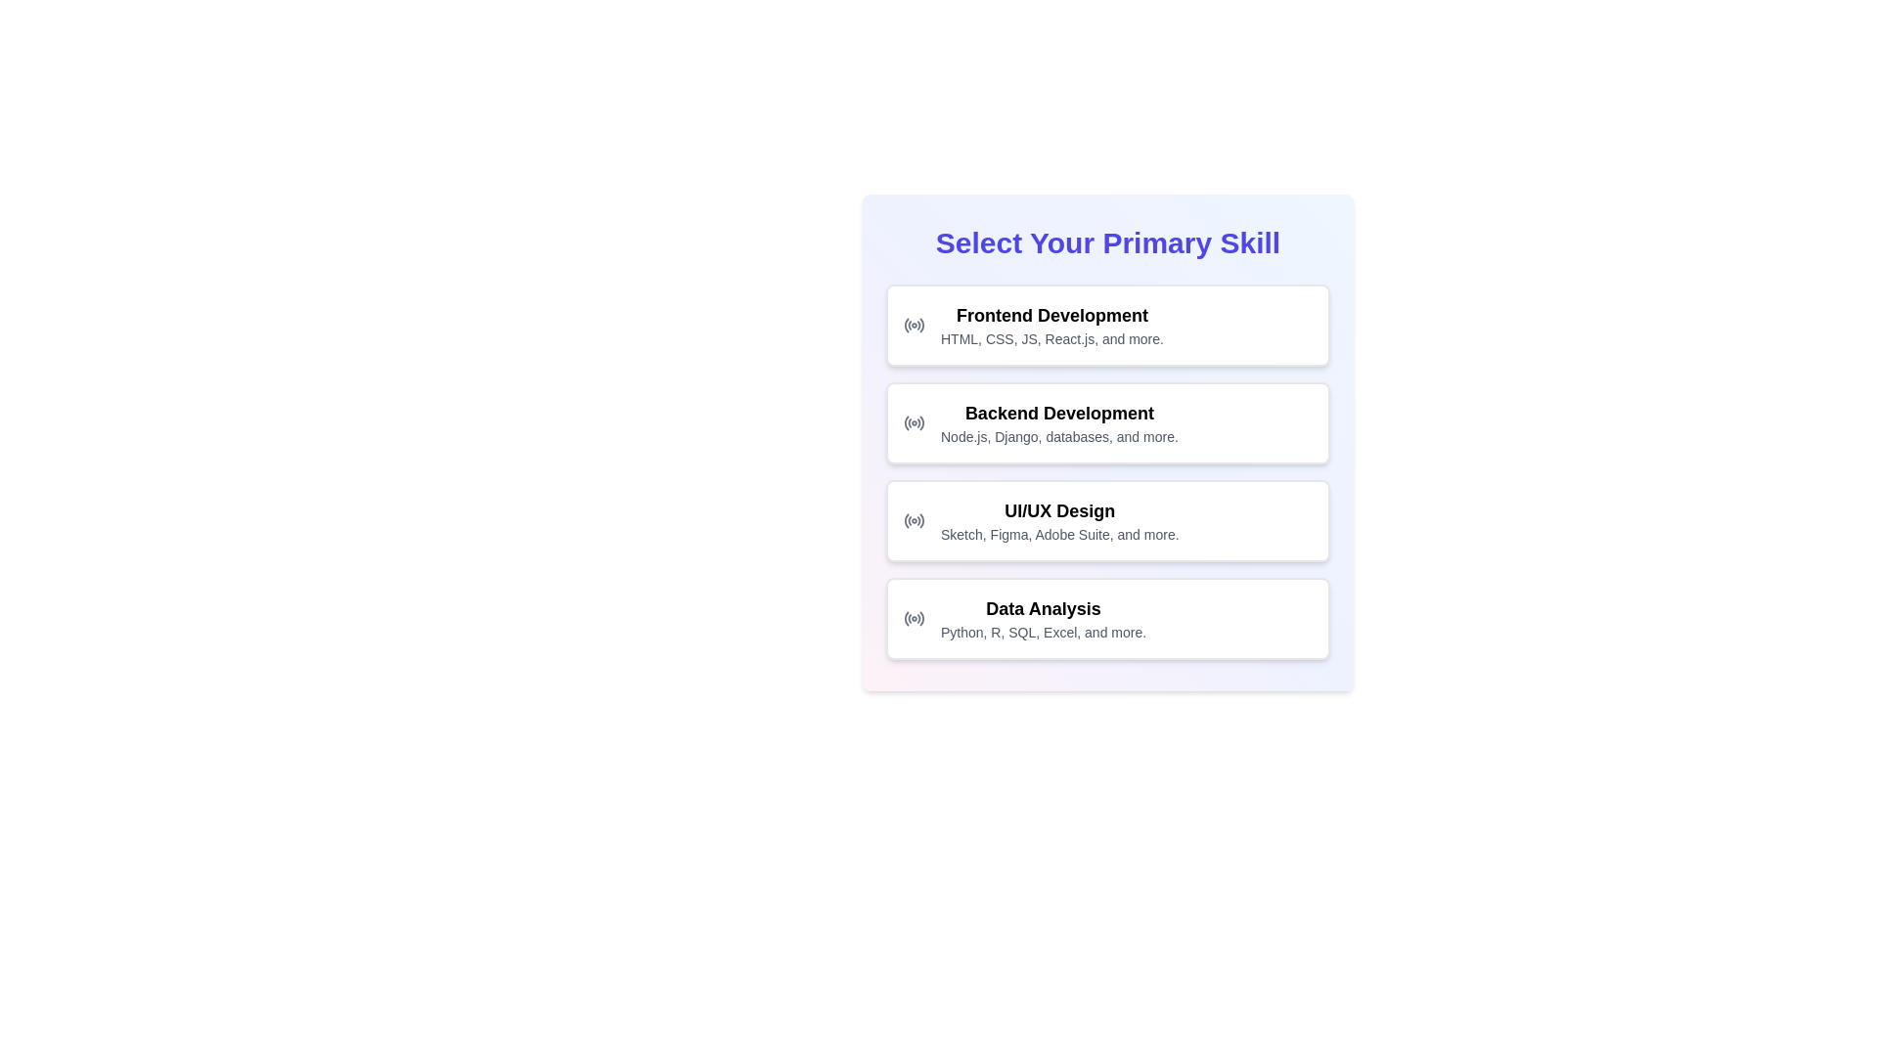  Describe the element at coordinates (1043, 633) in the screenshot. I see `the text label providing additional descriptive information about the 'Data Analysis' section, located at the bottom-left corner of the 'Data Analysis' section, below the title` at that location.